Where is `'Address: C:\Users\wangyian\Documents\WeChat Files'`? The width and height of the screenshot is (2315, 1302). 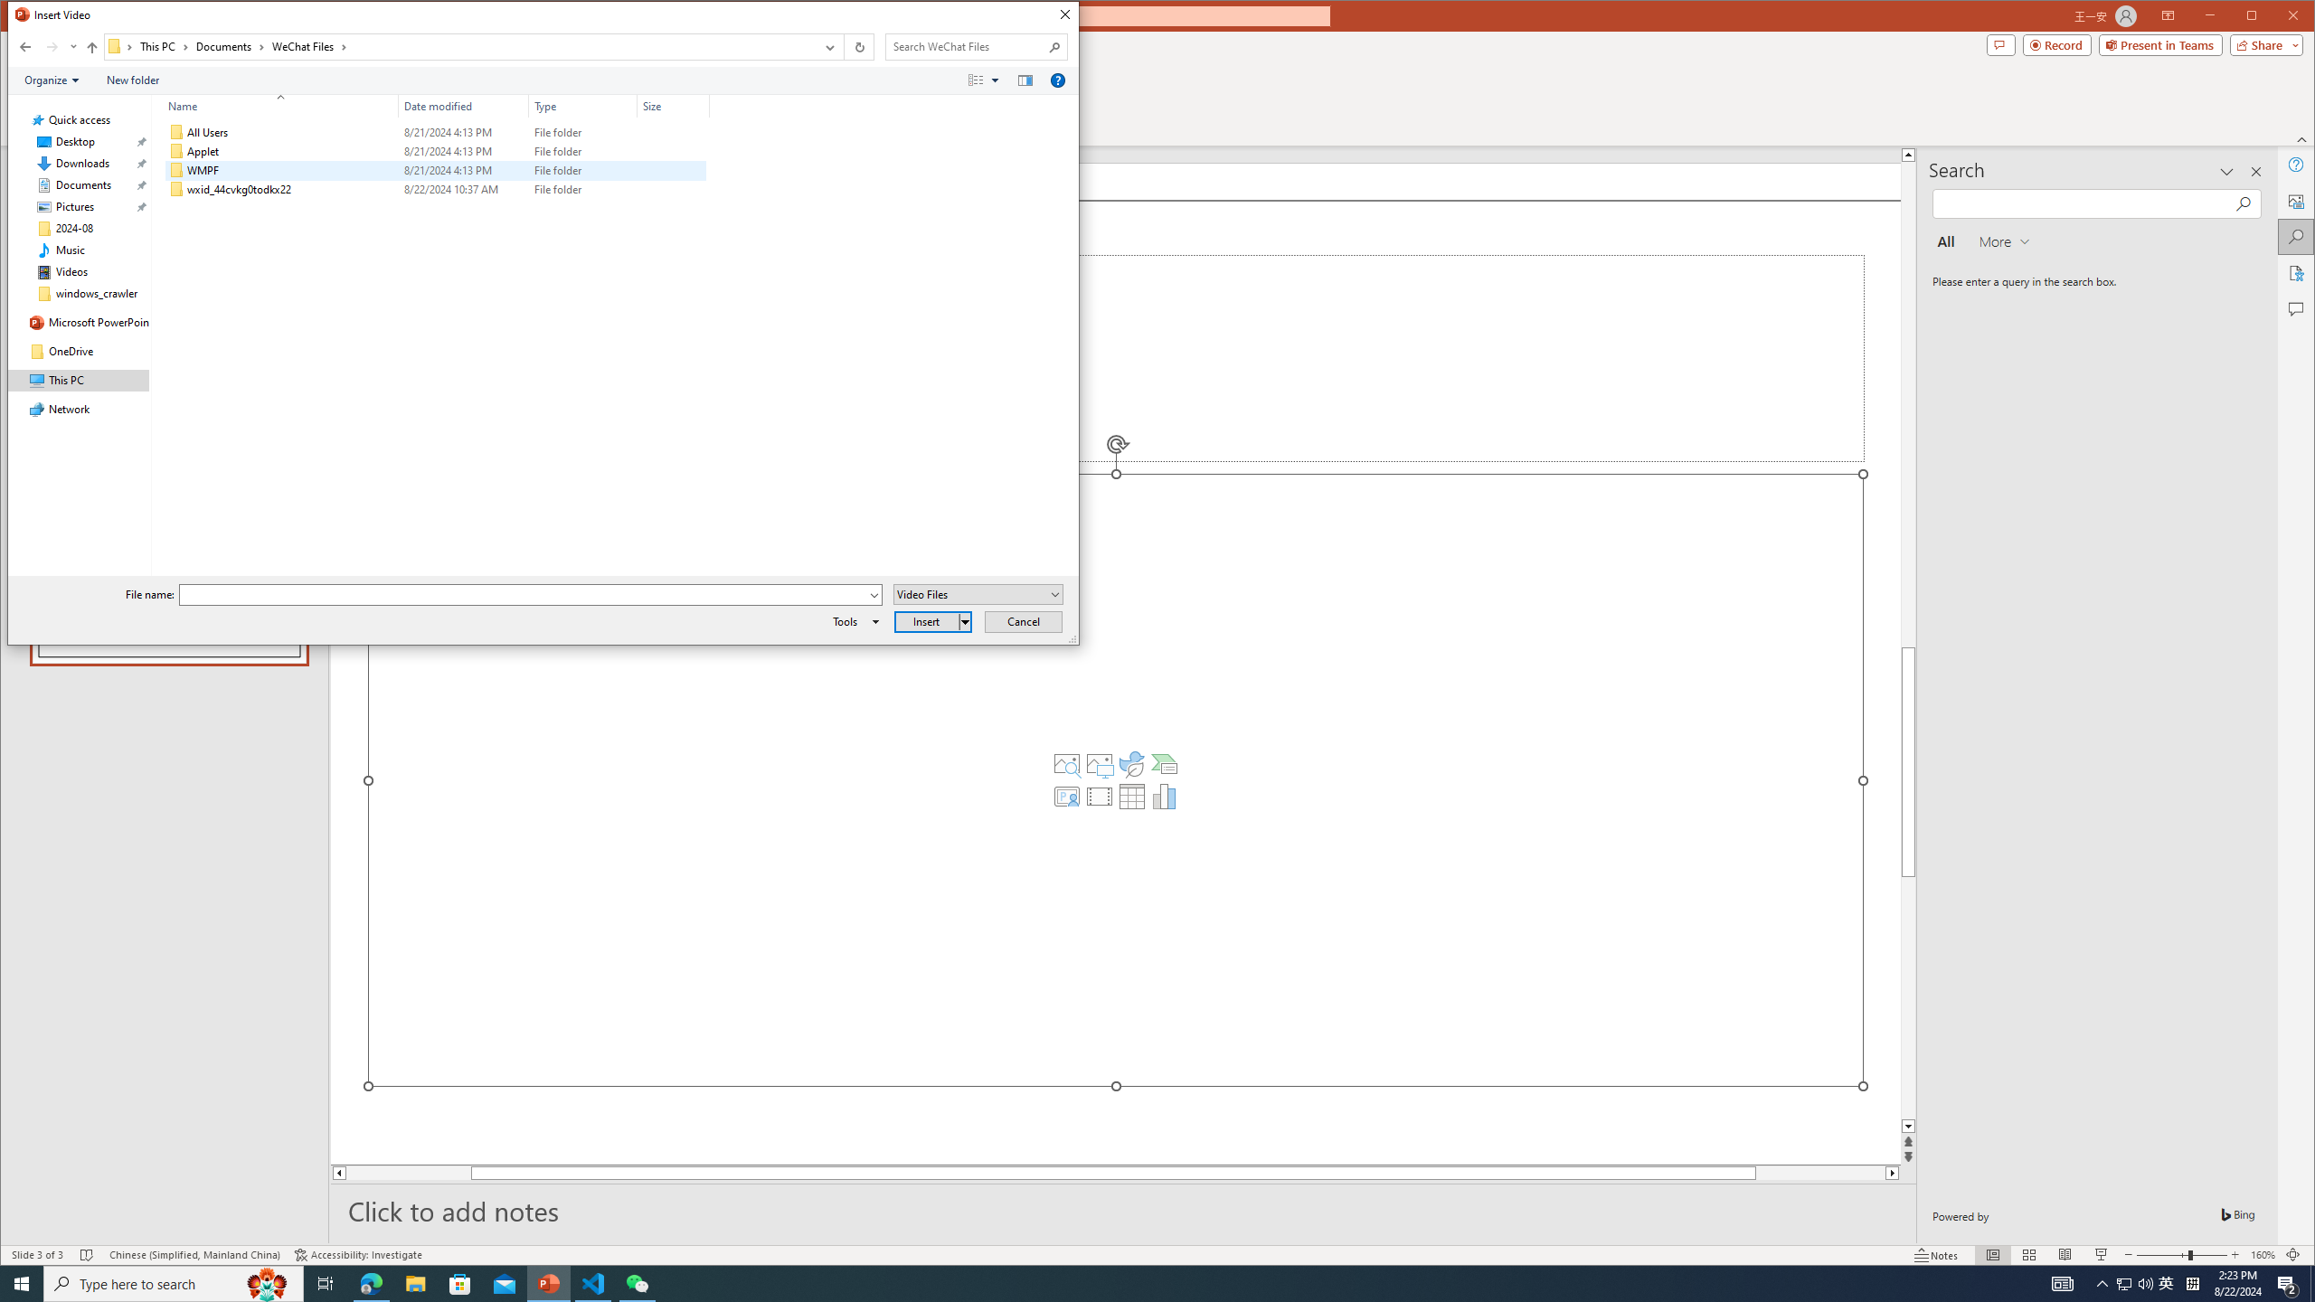 'Address: C:\Users\wangyian\Documents\WeChat Files' is located at coordinates (458, 46).